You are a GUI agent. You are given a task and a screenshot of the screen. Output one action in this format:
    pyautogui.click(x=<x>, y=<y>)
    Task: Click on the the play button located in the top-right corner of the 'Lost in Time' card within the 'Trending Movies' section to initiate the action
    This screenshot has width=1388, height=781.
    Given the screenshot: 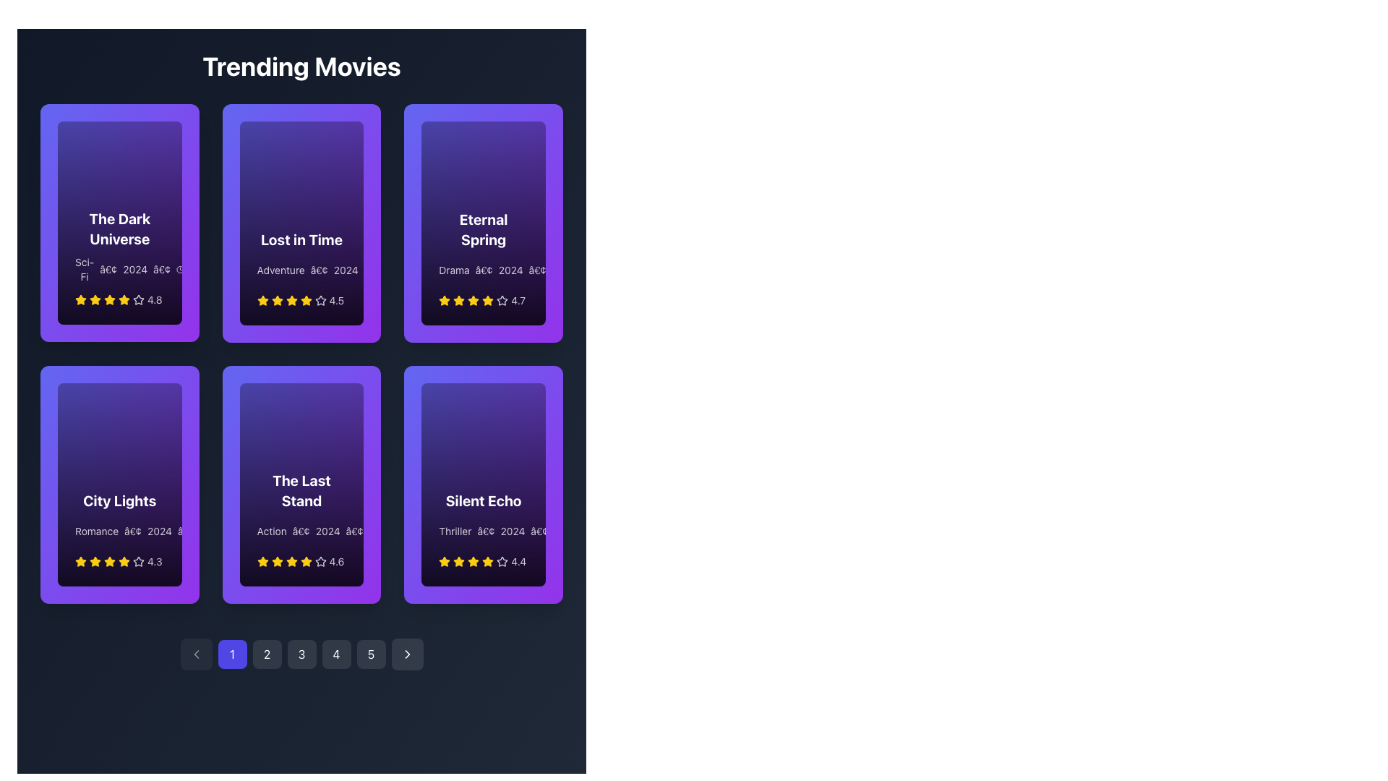 What is the action you would take?
    pyautogui.click(x=356, y=134)
    